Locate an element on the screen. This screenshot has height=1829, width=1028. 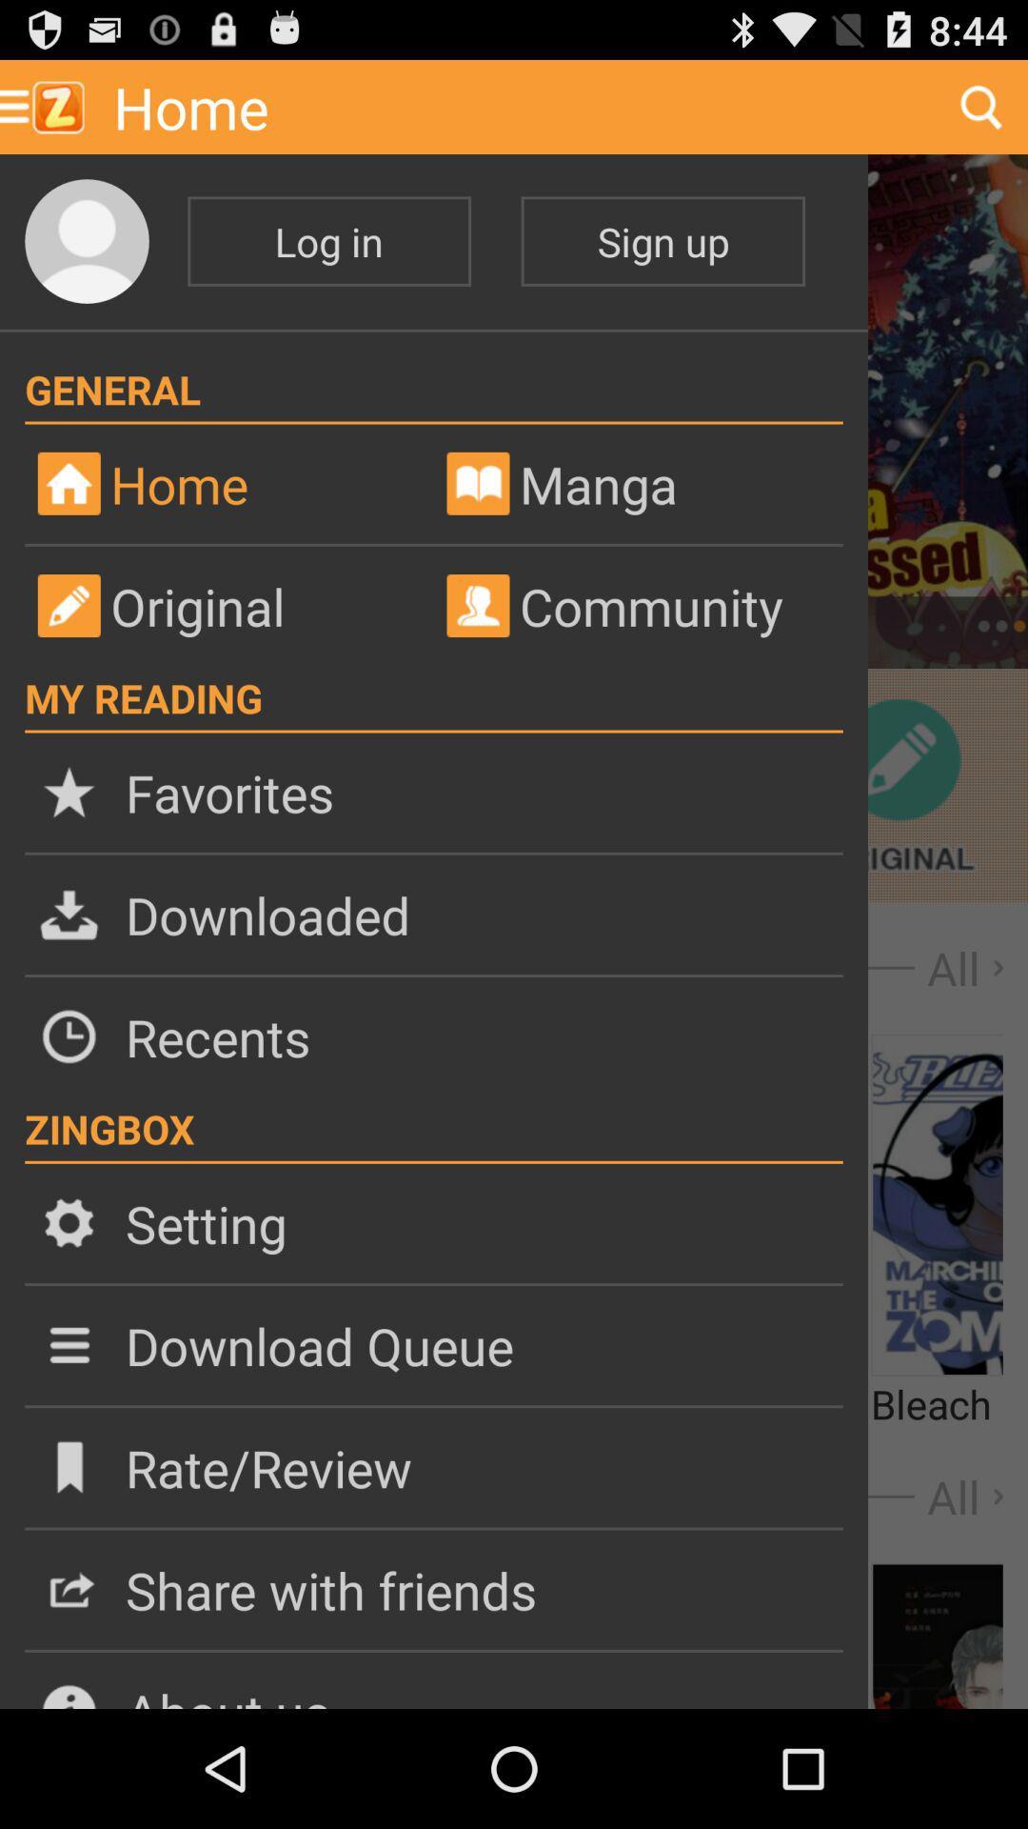
the search icon is located at coordinates (980, 113).